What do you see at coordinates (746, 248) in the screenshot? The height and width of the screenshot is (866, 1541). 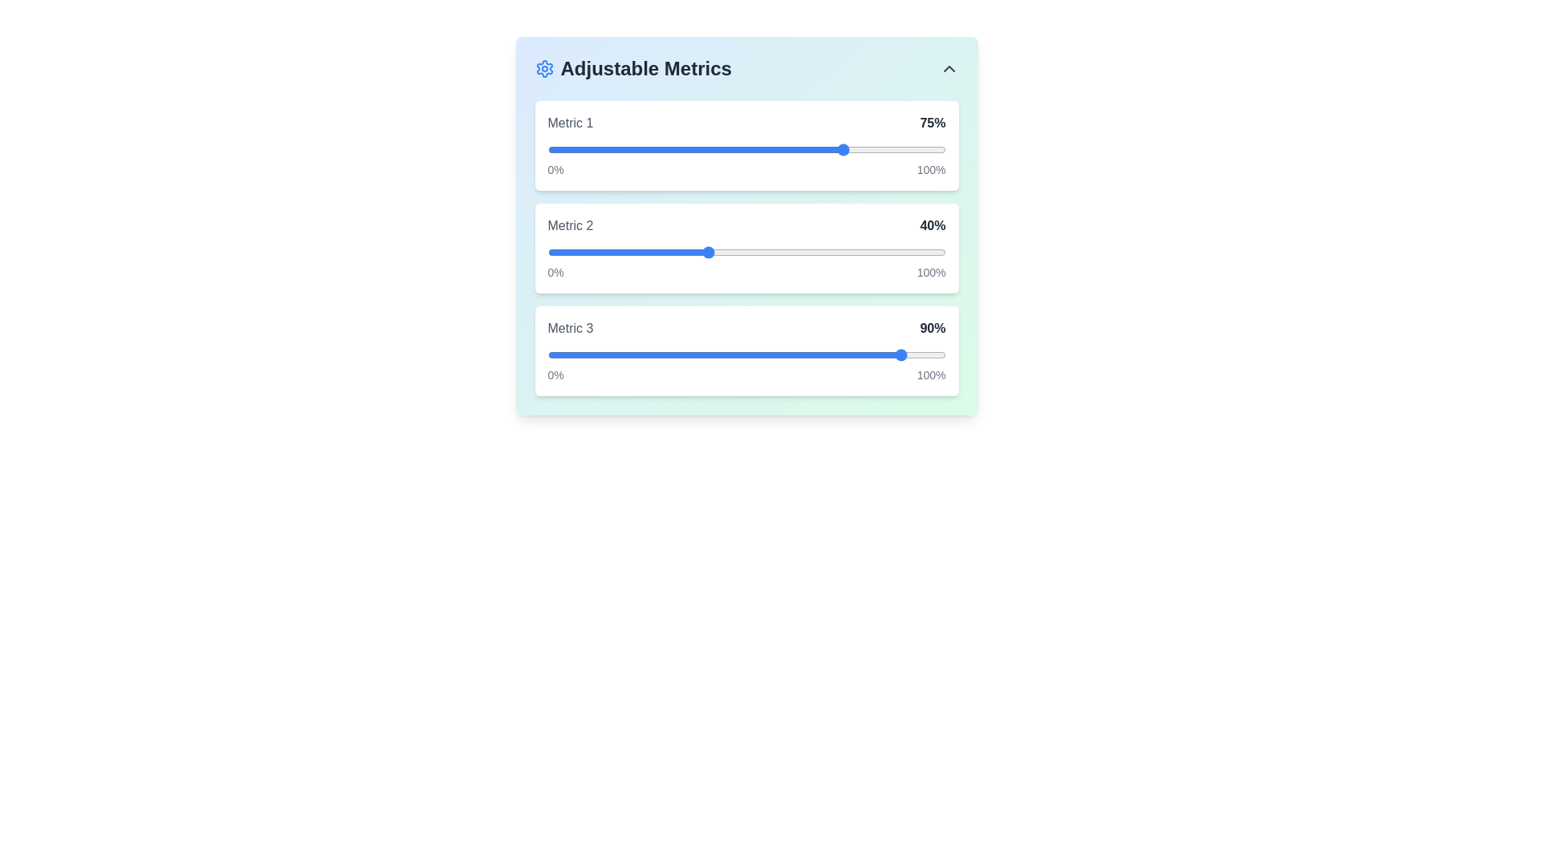 I see `the interactive slider within the 'Metric 2' card to set a specific value on the slider` at bounding box center [746, 248].